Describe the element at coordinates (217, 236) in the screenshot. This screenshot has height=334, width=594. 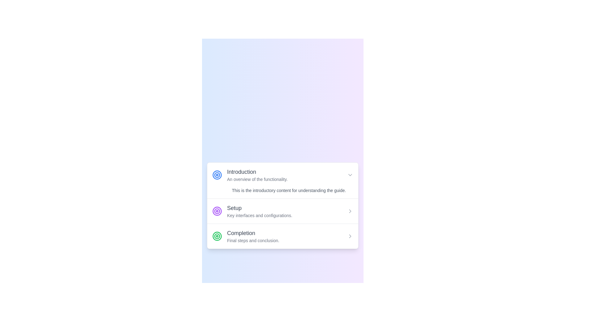
I see `the green circular ring that forms the second inner circle of a target-like design within the 'Completion' block at the bottom of the list` at that location.